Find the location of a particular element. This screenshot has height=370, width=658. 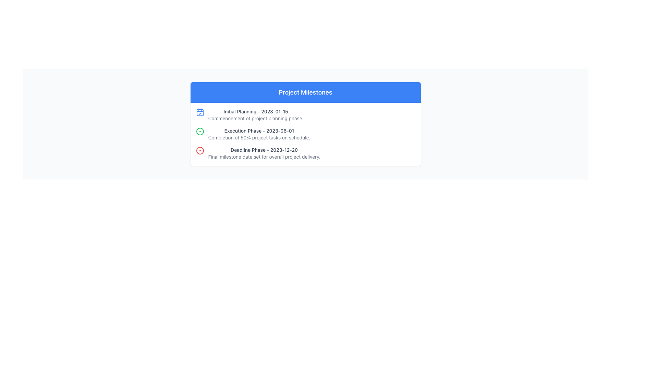

the text label displaying 'Commencement of project planning phase.' which is located below the title 'Initial Planning - 2023-01-15' in the 'Project Milestones' section is located at coordinates (255, 118).